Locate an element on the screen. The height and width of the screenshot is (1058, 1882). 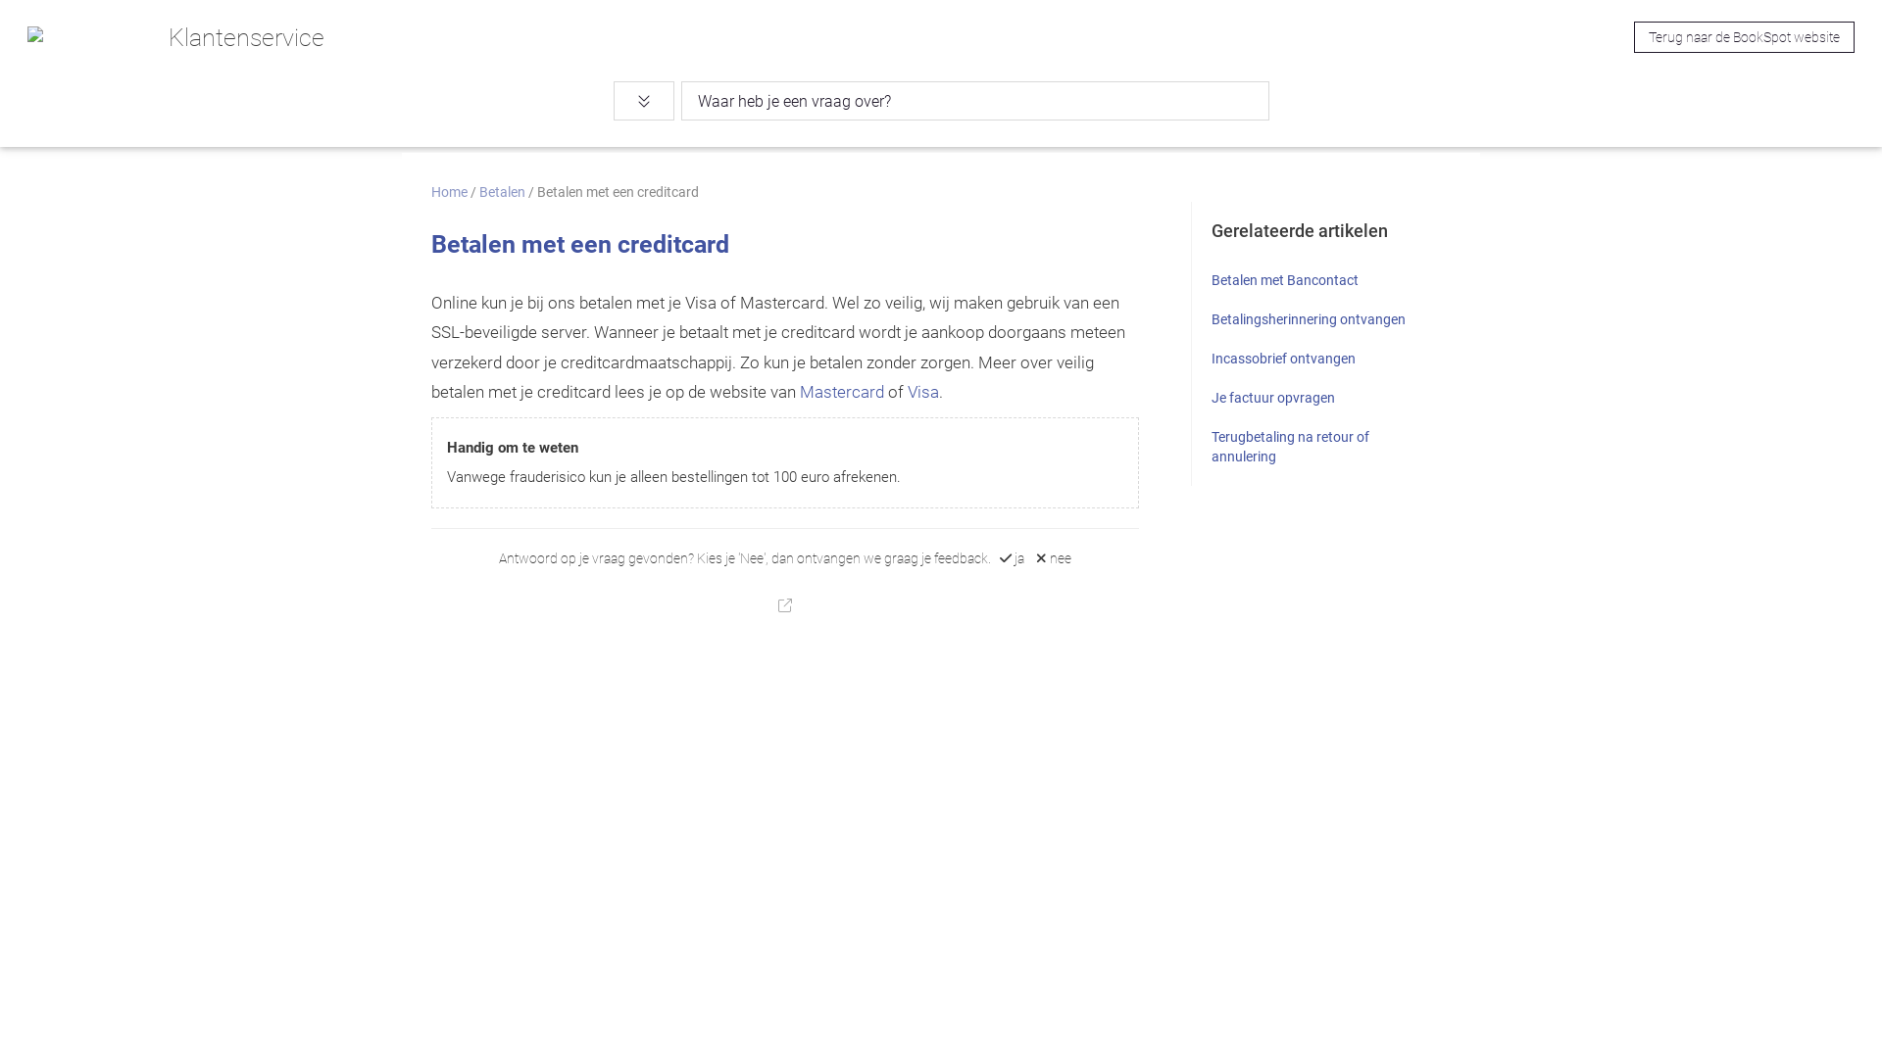
'Mastercard' is located at coordinates (842, 392).